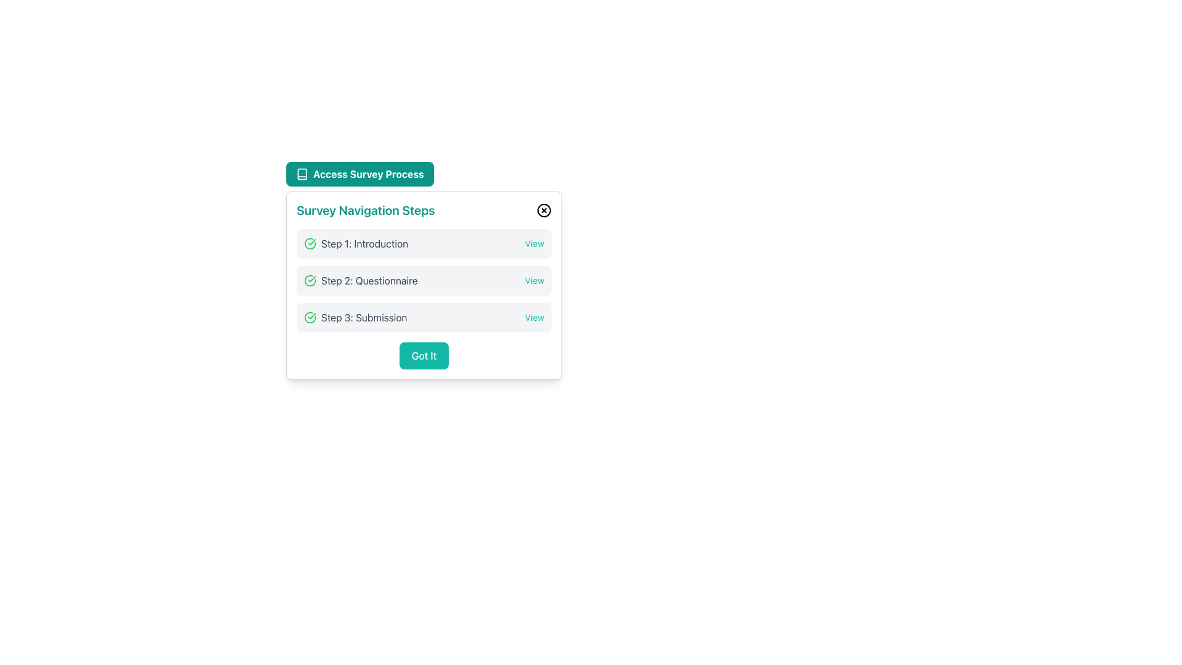 The height and width of the screenshot is (665, 1182). I want to click on the confirmation button located at the bottom center of the survey navigation interface to proceed with the next step, so click(424, 356).